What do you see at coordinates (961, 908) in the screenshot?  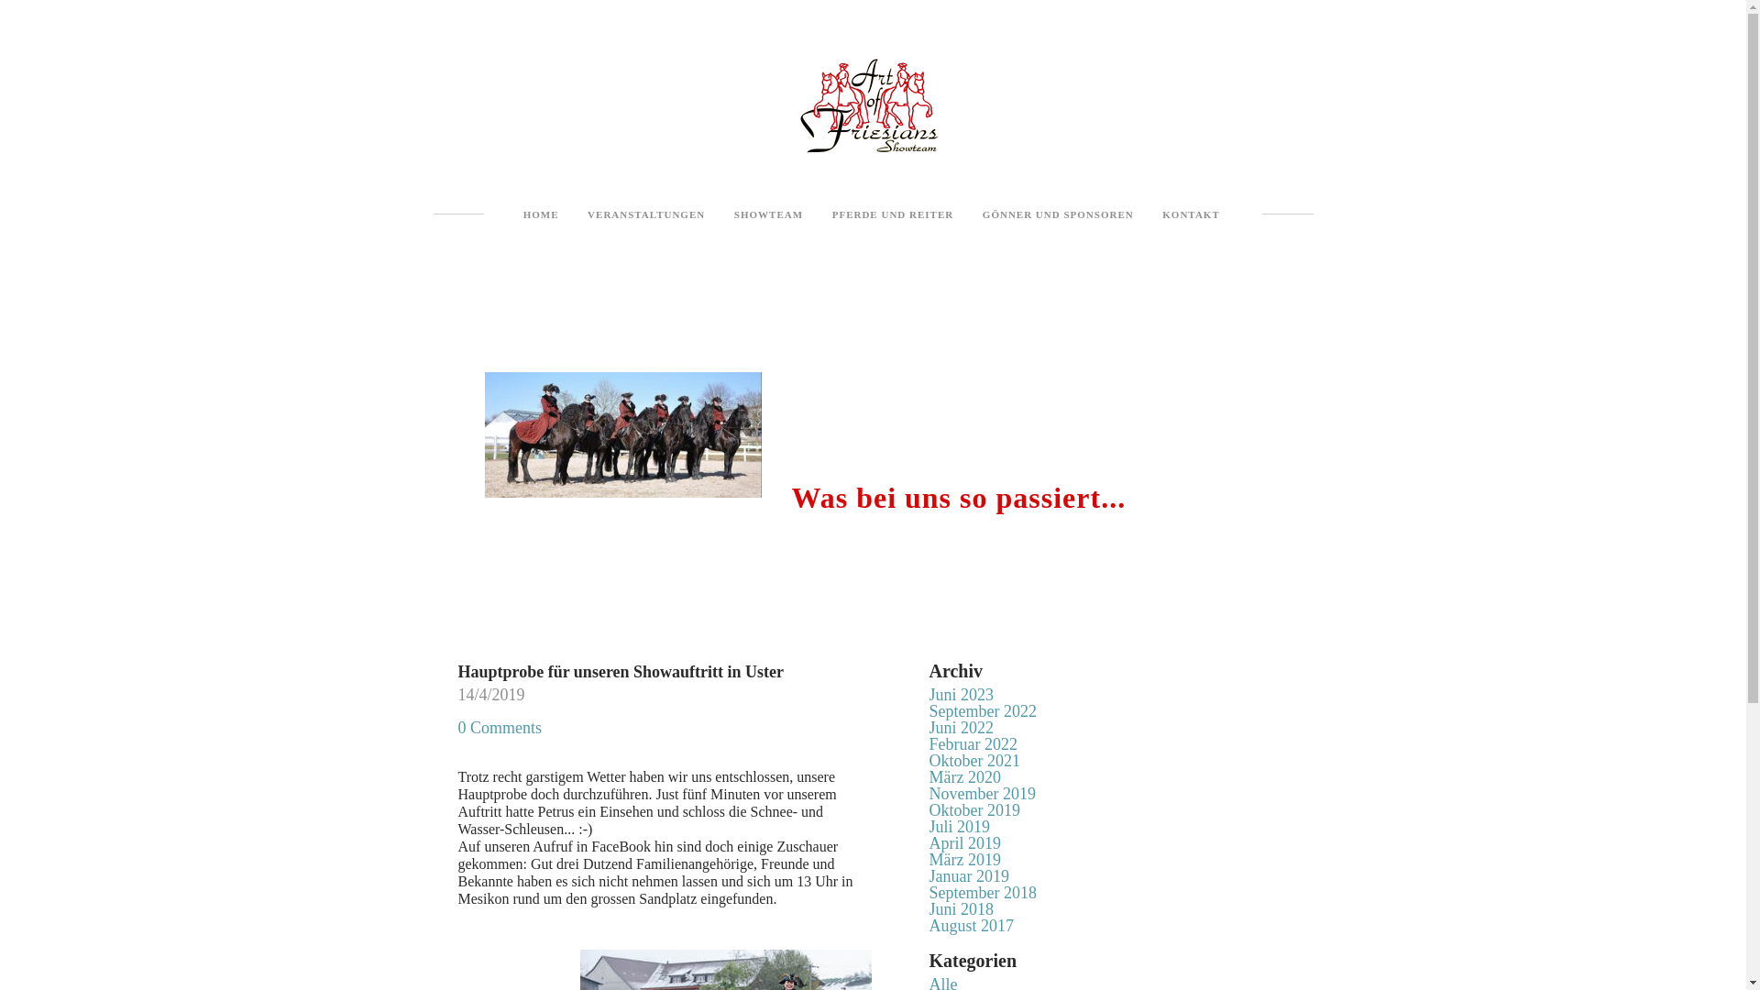 I see `'Juni 2018'` at bounding box center [961, 908].